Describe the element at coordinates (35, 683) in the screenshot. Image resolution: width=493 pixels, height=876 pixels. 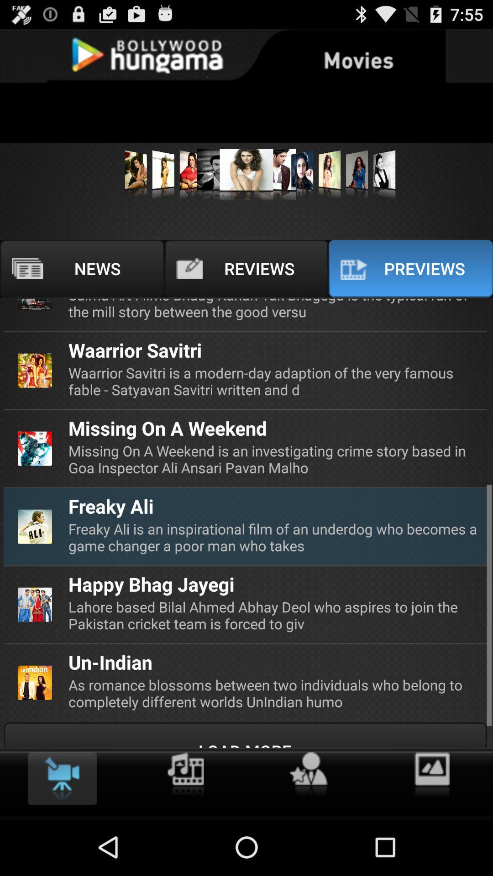
I see `bottom of the left corner image` at that location.